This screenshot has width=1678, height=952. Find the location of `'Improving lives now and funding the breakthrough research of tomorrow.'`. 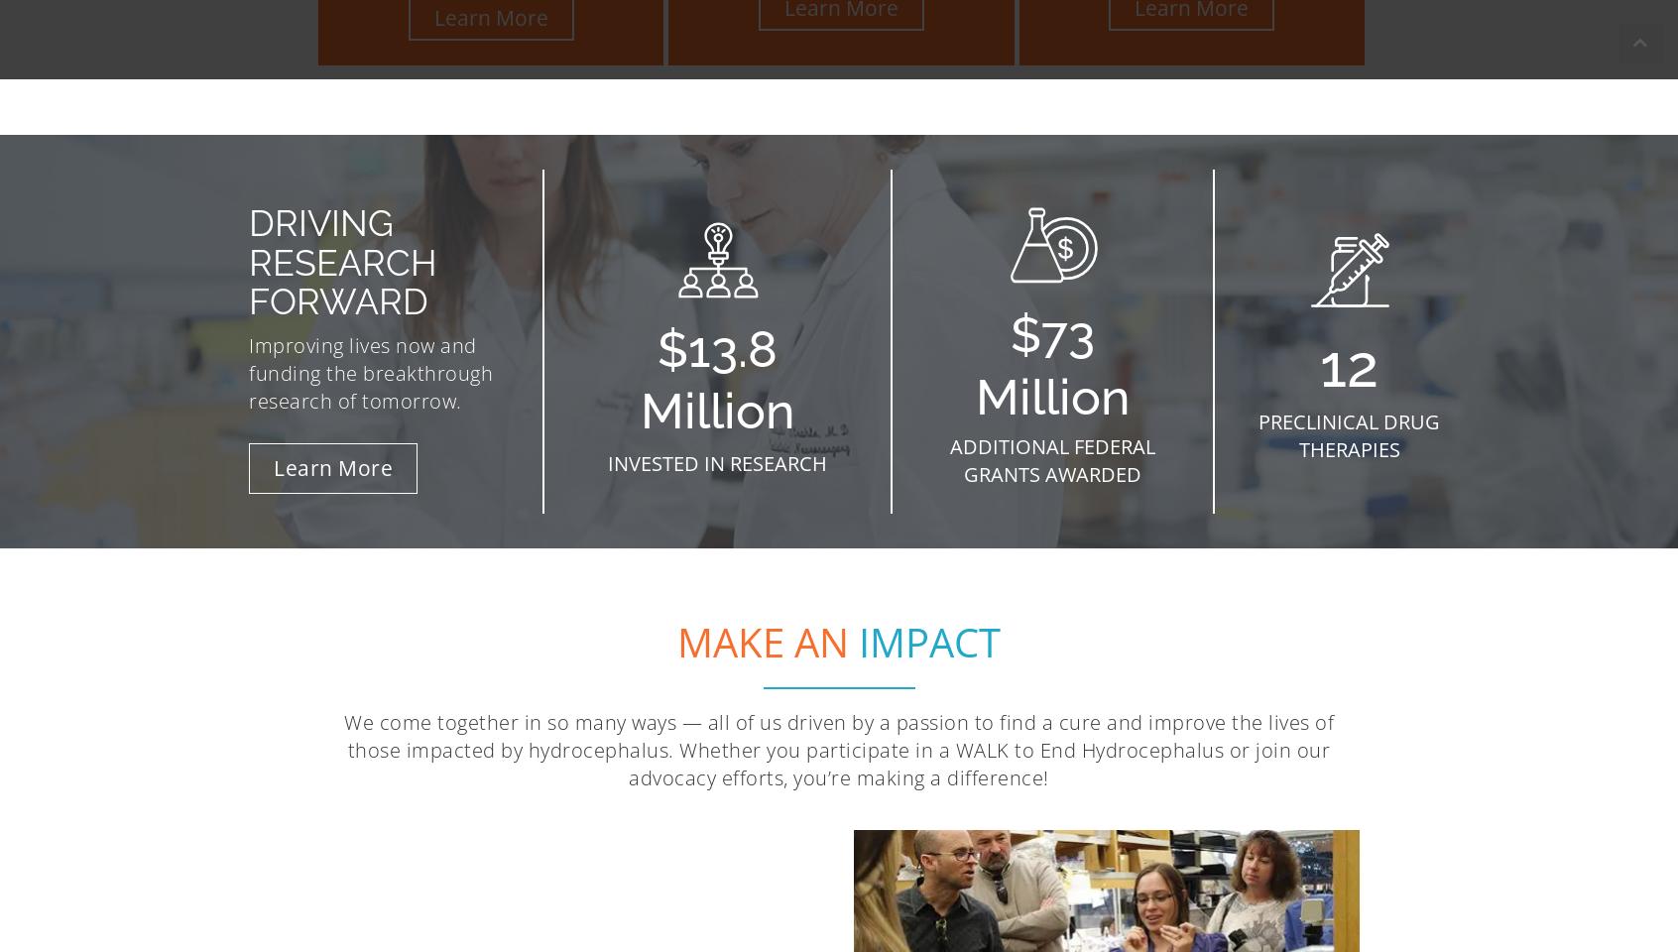

'Improving lives now and funding the breakthrough research of tomorrow.' is located at coordinates (370, 371).